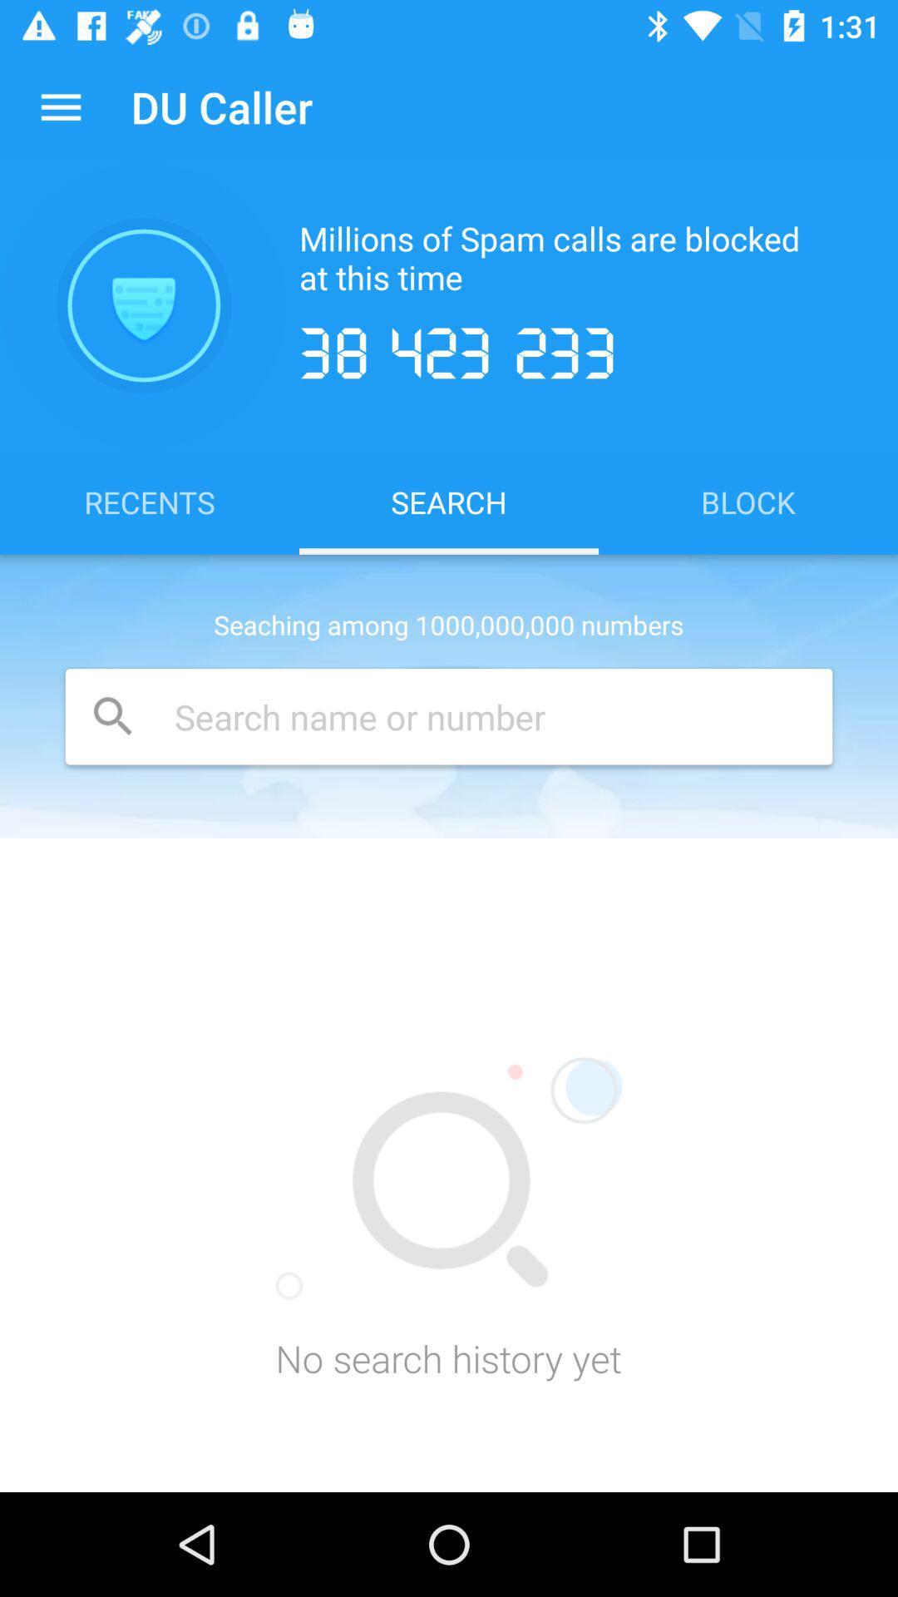 The width and height of the screenshot is (898, 1597). I want to click on item next to search, so click(150, 501).